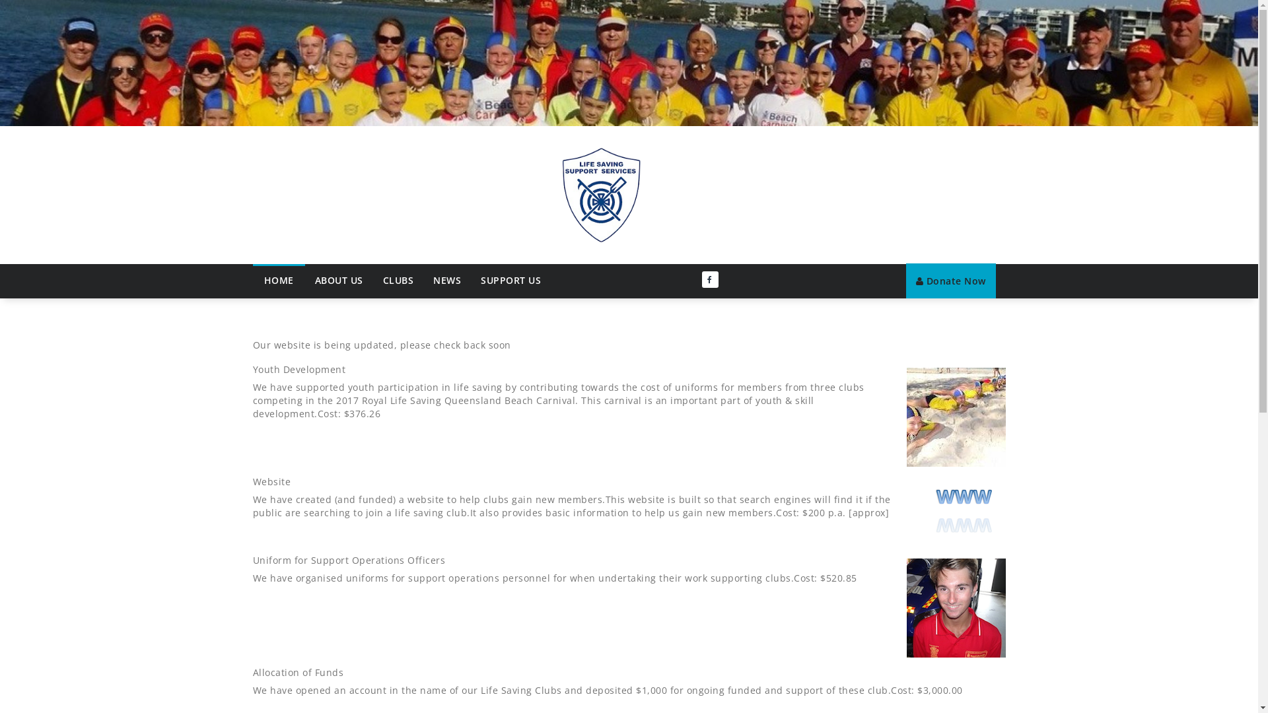 The image size is (1268, 713). I want to click on 'ABOUT US', so click(339, 279).